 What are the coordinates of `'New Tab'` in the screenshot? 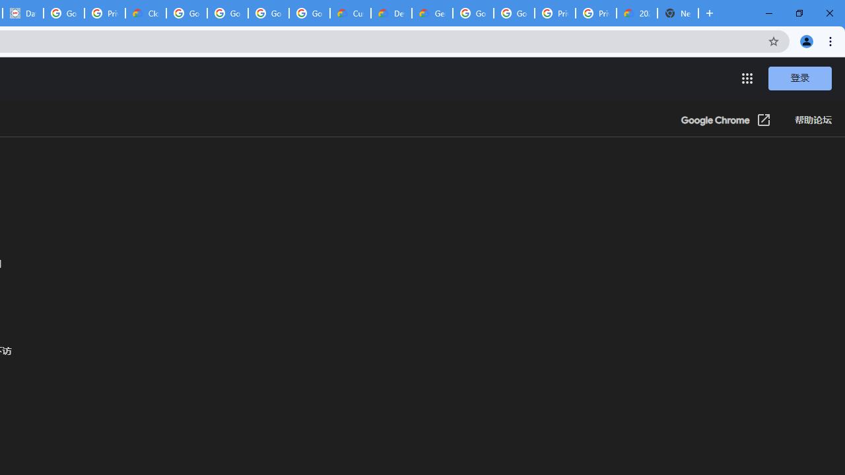 It's located at (678, 13).